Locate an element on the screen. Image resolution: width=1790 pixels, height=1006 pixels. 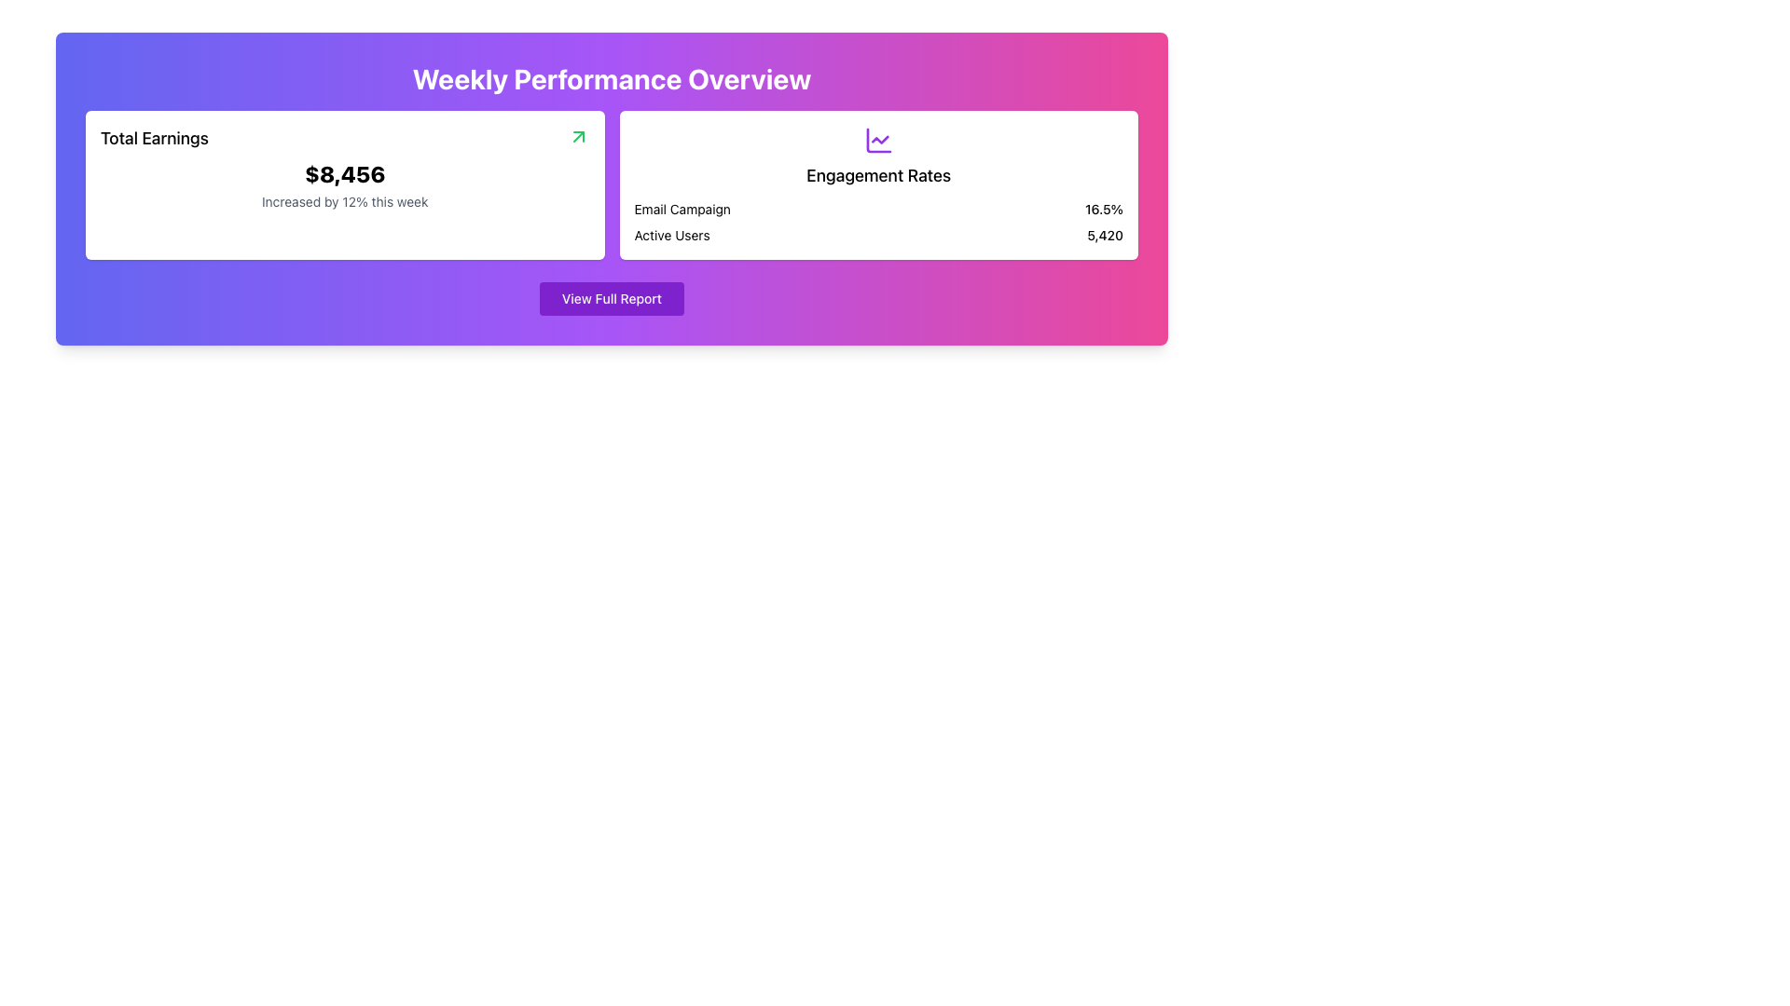
the SVG Icon positioned at the top-right of the card labeled 'Engagement Rates', which serves as a visual representation of engagement rates is located at coordinates (877, 139).